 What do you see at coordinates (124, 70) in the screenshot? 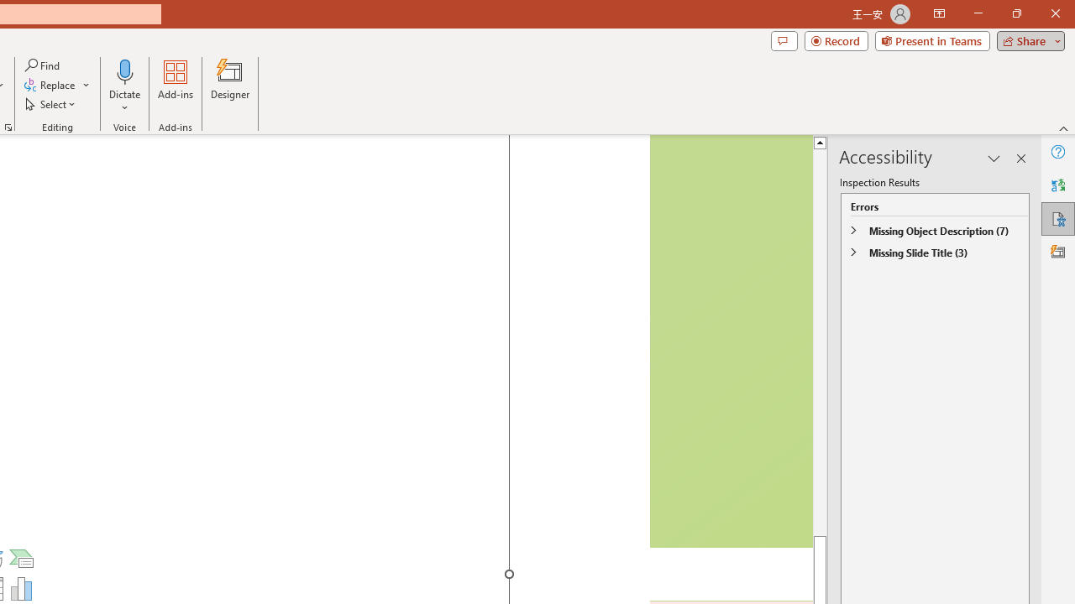
I see `'Dictate'` at bounding box center [124, 70].